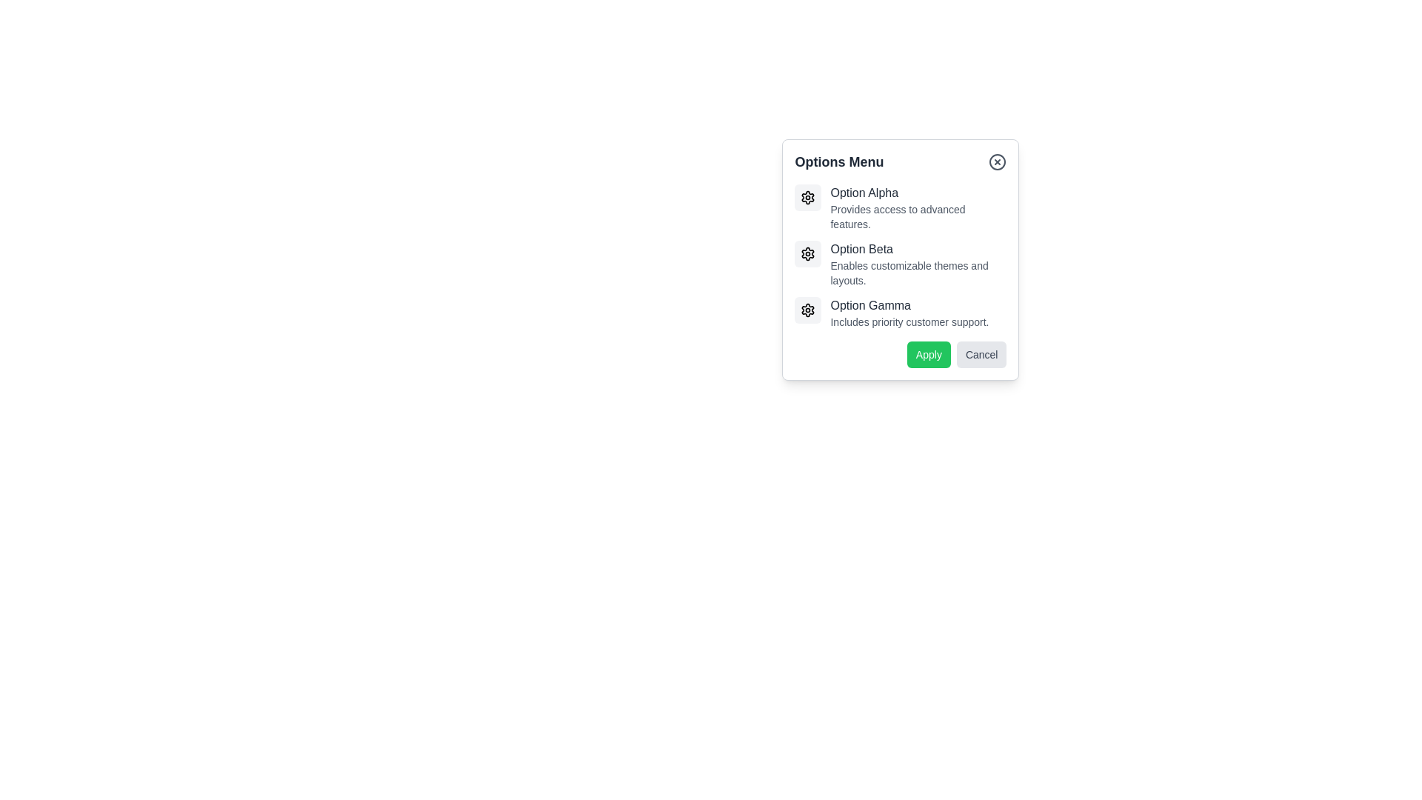 This screenshot has height=800, width=1422. What do you see at coordinates (807, 196) in the screenshot?
I see `the gear icon within the 'Option Alpha' section of the menu to understand the option better` at bounding box center [807, 196].